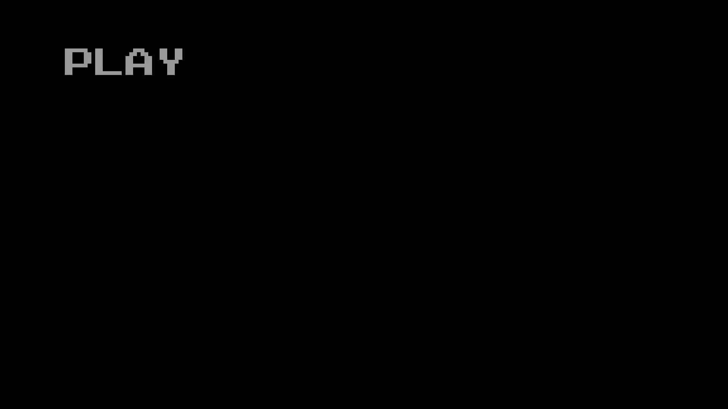 The width and height of the screenshot is (728, 409). What do you see at coordinates (121, 59) in the screenshot?
I see `Play` at bounding box center [121, 59].